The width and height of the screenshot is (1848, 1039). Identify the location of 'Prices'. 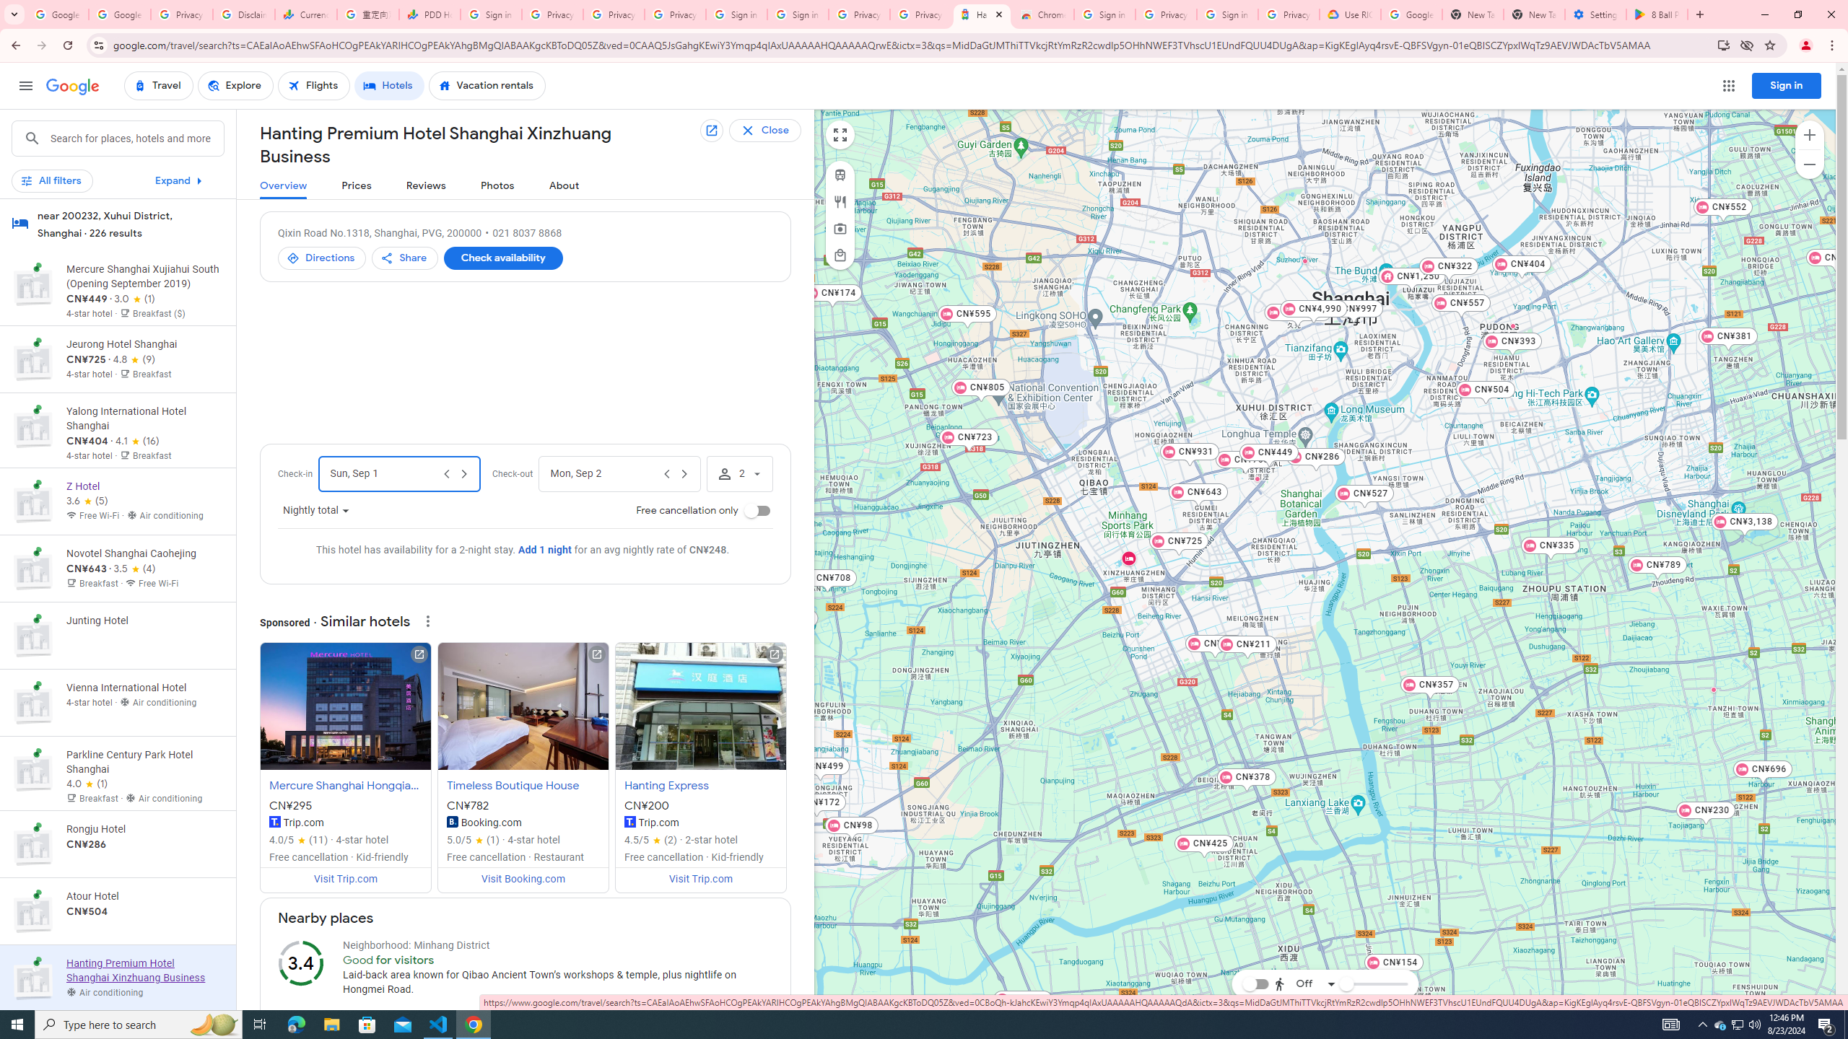
(356, 185).